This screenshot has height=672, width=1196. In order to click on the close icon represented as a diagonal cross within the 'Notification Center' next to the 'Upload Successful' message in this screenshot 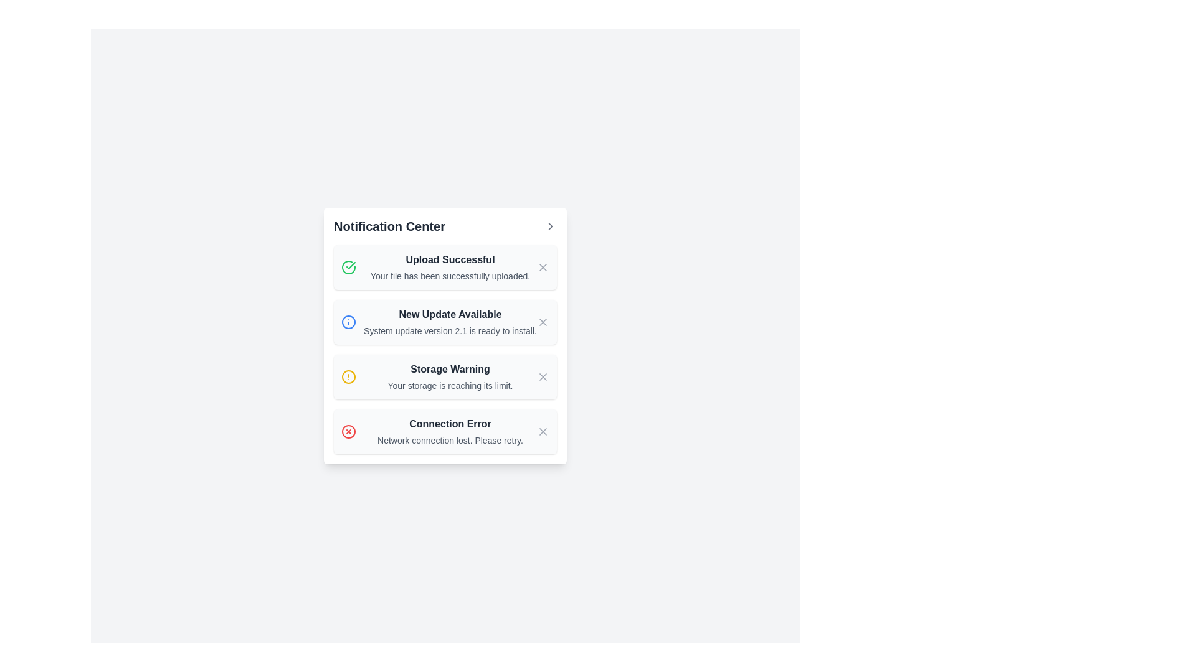, I will do `click(543, 266)`.